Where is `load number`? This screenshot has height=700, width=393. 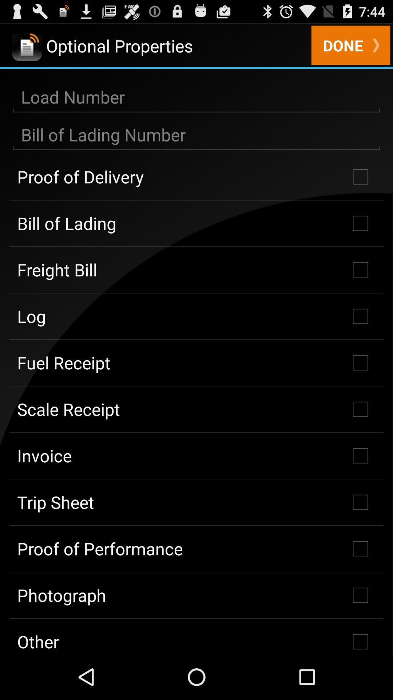
load number is located at coordinates (196, 97).